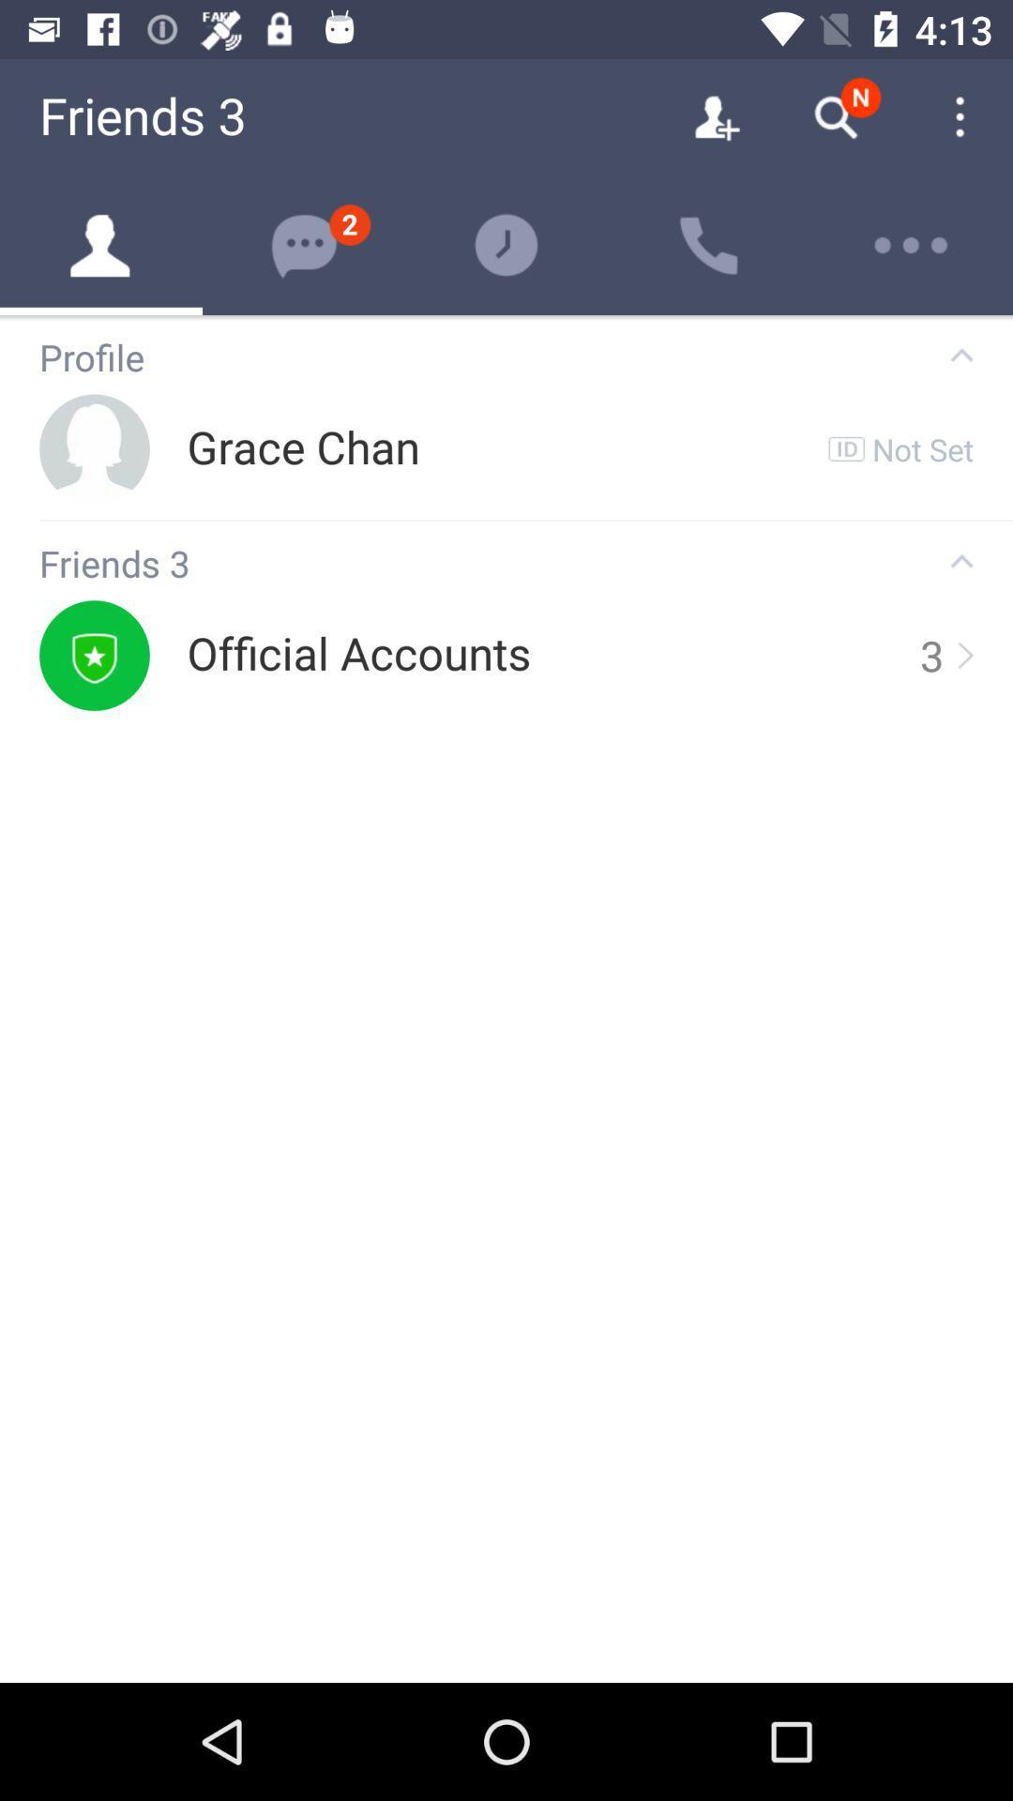 Image resolution: width=1013 pixels, height=1801 pixels. I want to click on the arrow which is above the number 3, so click(961, 560).